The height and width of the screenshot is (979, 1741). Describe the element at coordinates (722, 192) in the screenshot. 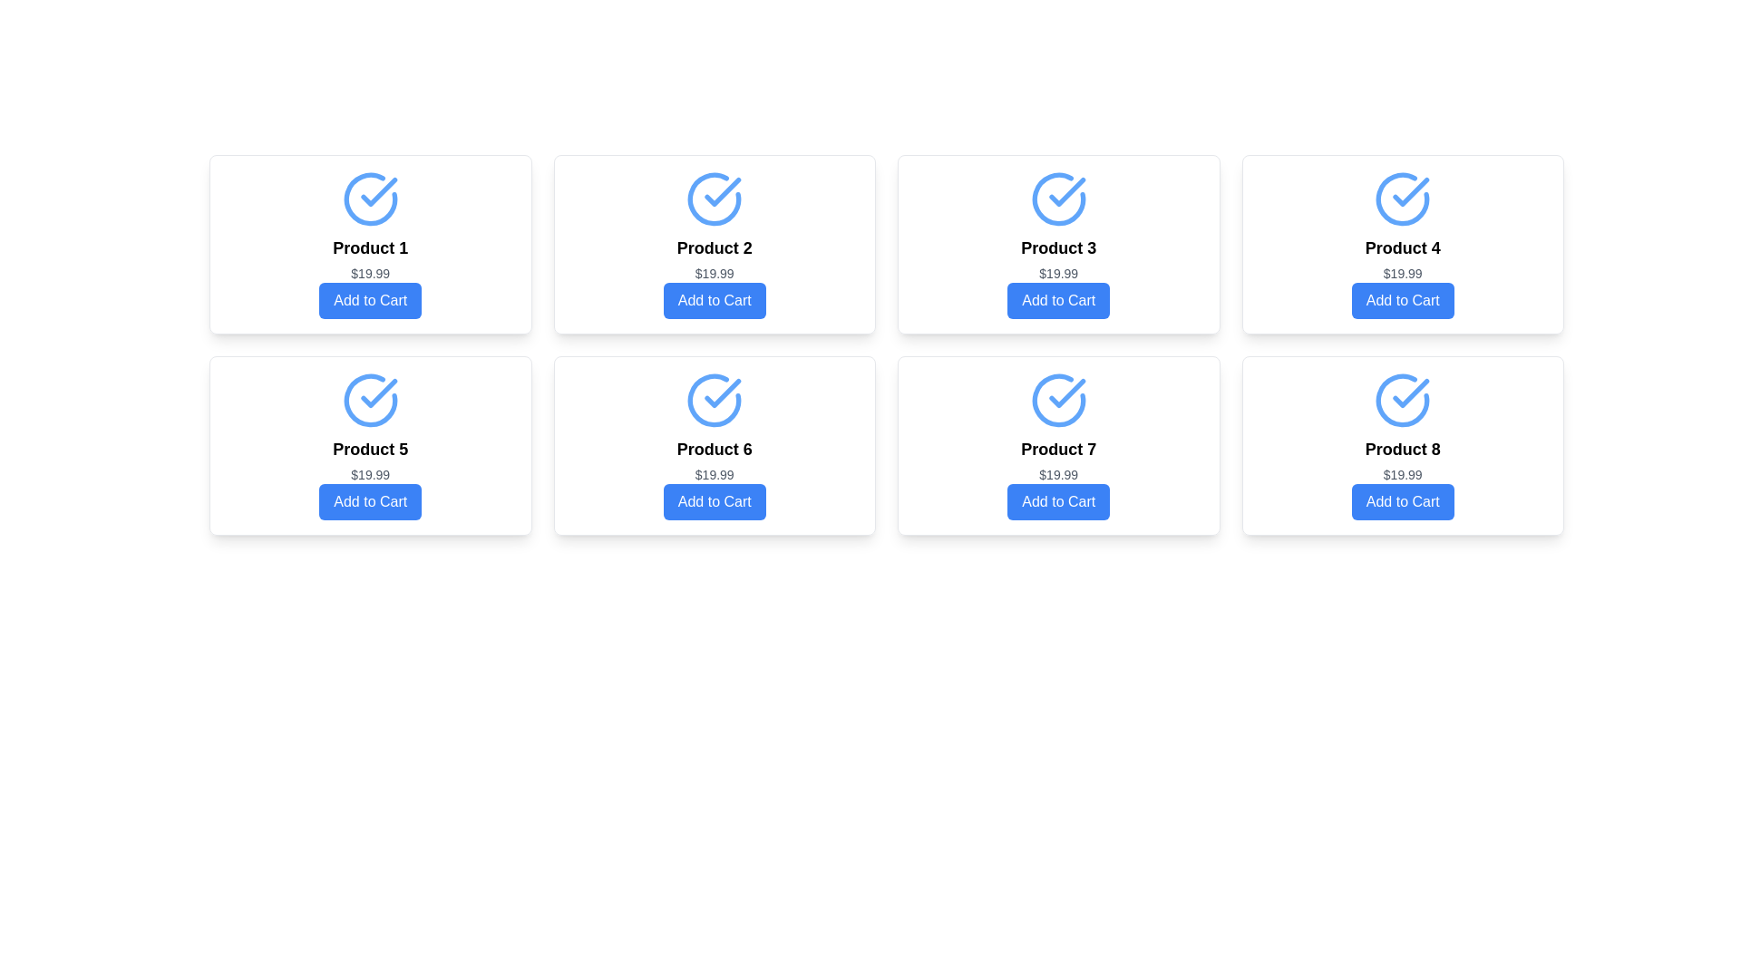

I see `the Iconographic SVG graphic with a checkmark design located in the second product card labeled 'Product 2' in the top row of the grid layout` at that location.